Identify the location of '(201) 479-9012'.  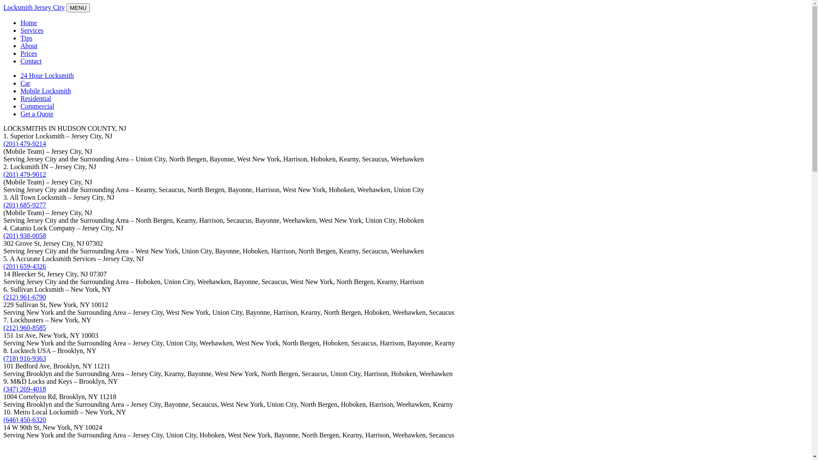
(24, 174).